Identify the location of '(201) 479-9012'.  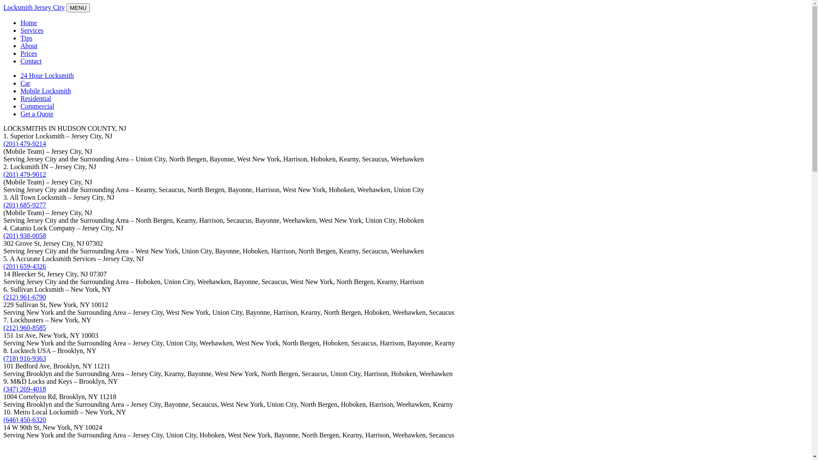
(24, 174).